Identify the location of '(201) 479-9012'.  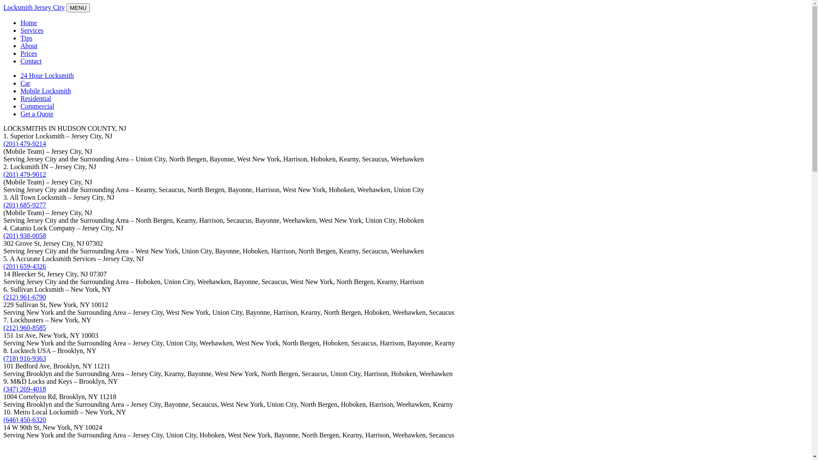
(24, 174).